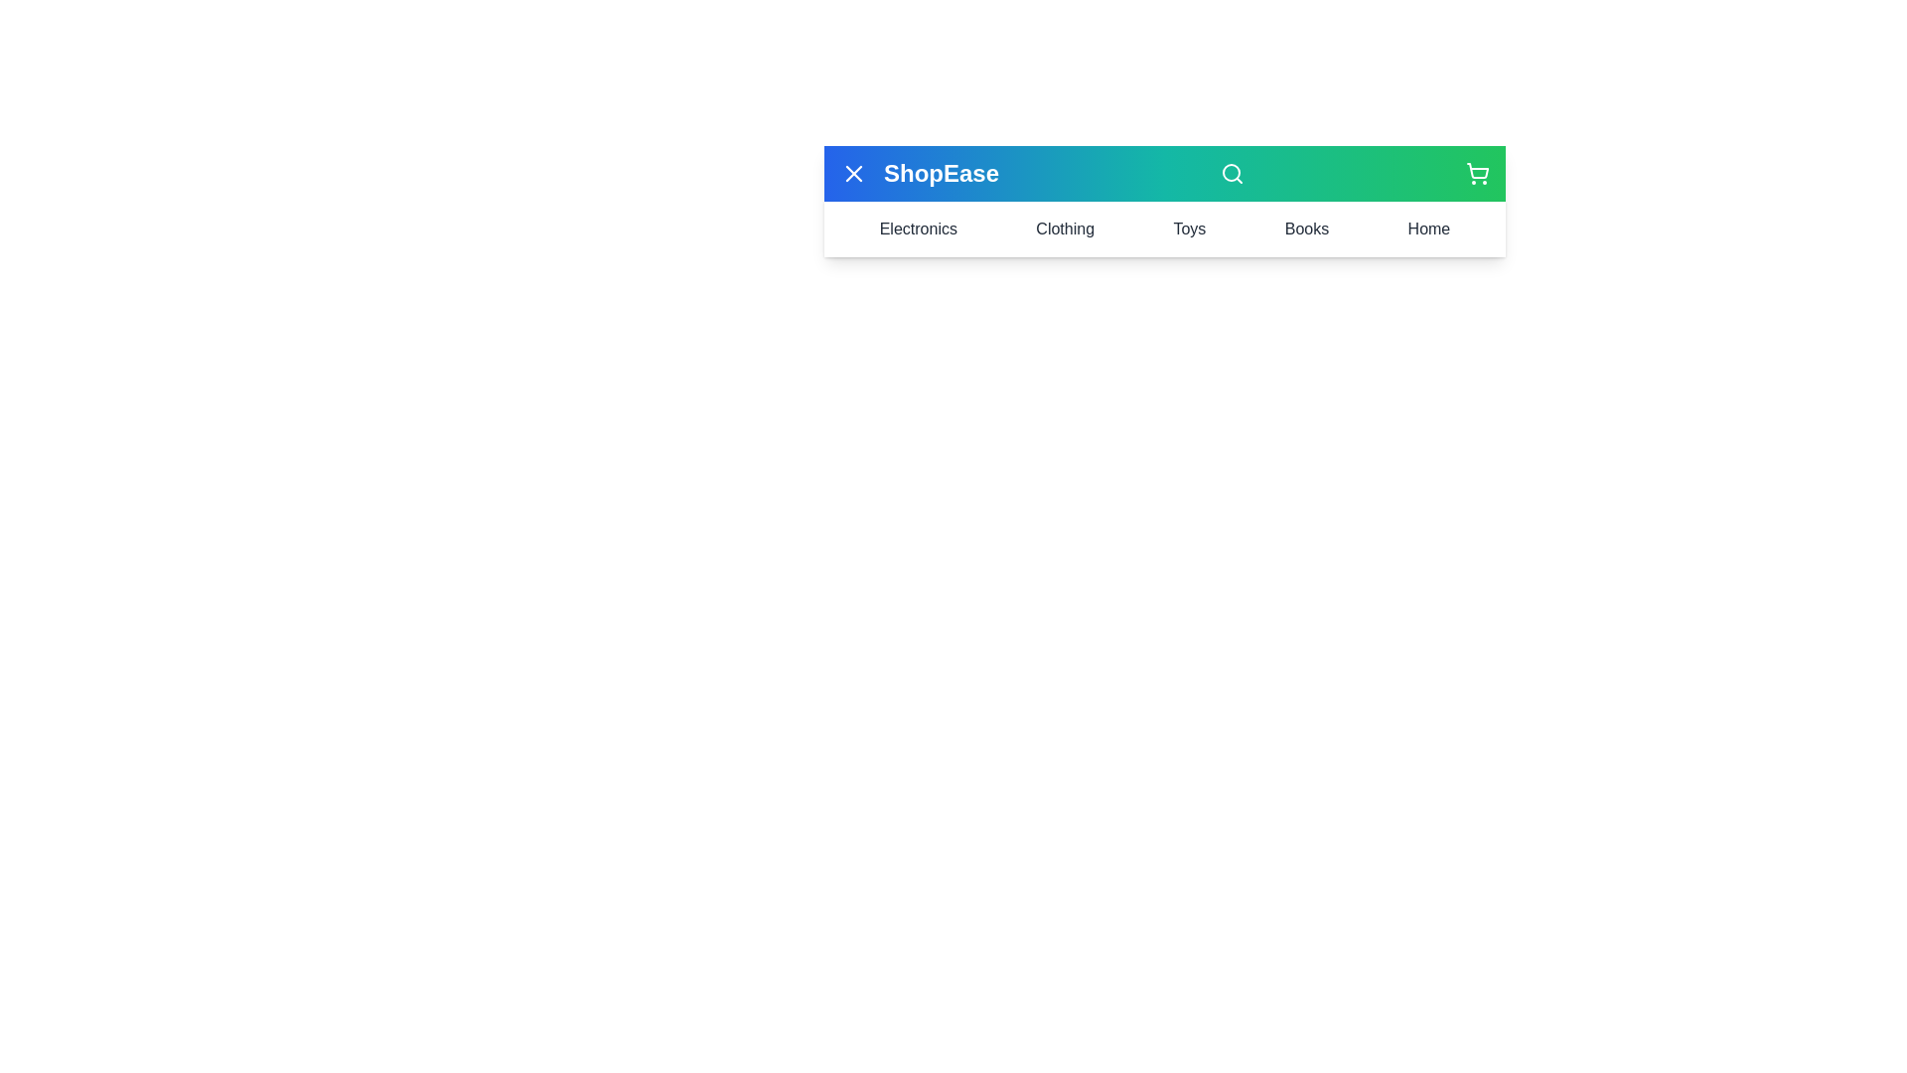 This screenshot has height=1073, width=1907. I want to click on the 'ShopEase' text area to examine and read it, so click(941, 172).